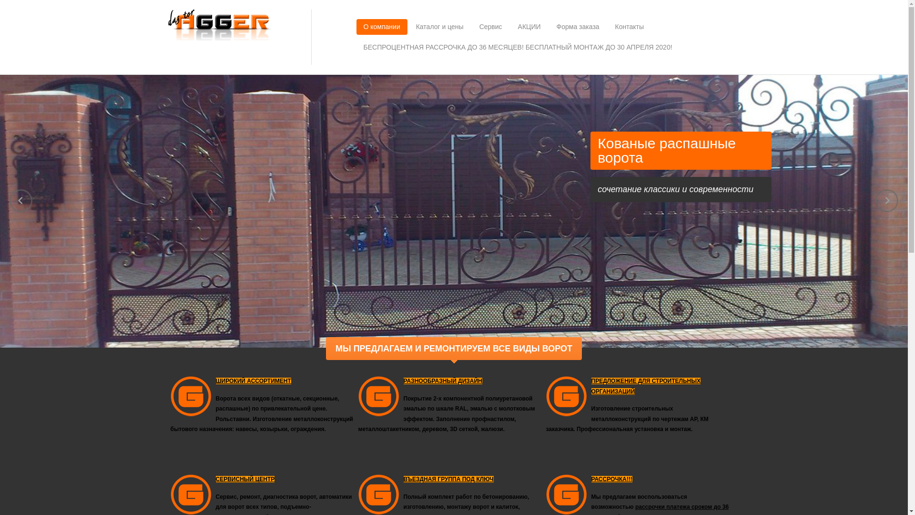 The image size is (915, 515). Describe the element at coordinates (20, 200) in the screenshot. I see `'prev'` at that location.